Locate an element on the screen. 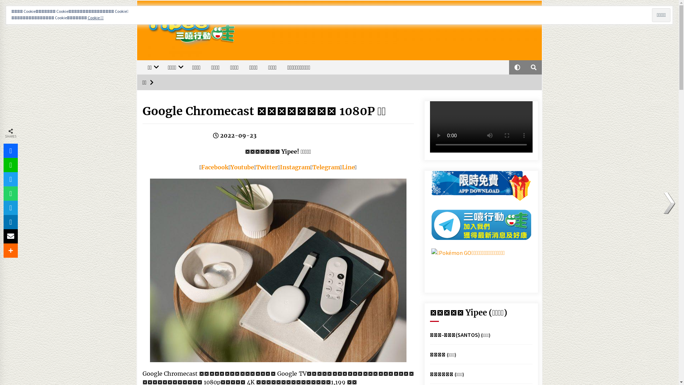 Image resolution: width=684 pixels, height=385 pixels. 'Email this ' is located at coordinates (10, 236).